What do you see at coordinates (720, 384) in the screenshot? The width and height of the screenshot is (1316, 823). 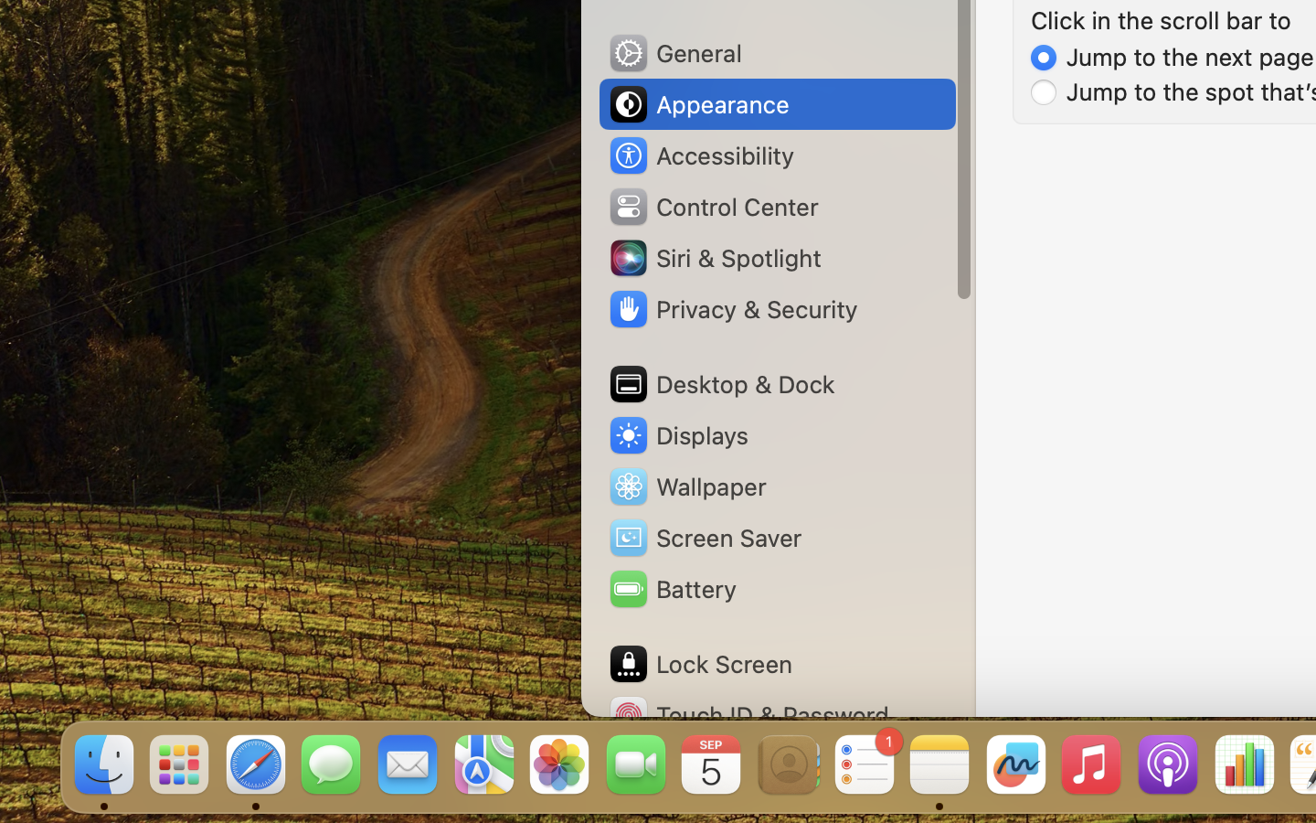 I see `'Desktop & Dock'` at bounding box center [720, 384].